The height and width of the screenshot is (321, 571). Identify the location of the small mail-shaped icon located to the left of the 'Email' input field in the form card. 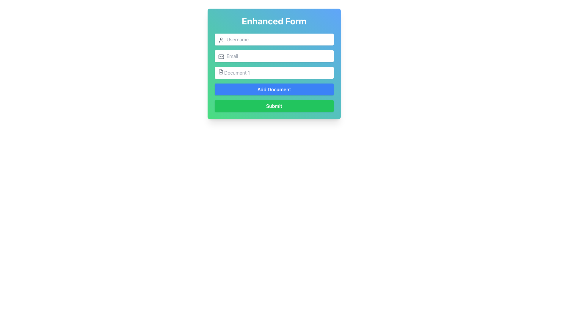
(221, 57).